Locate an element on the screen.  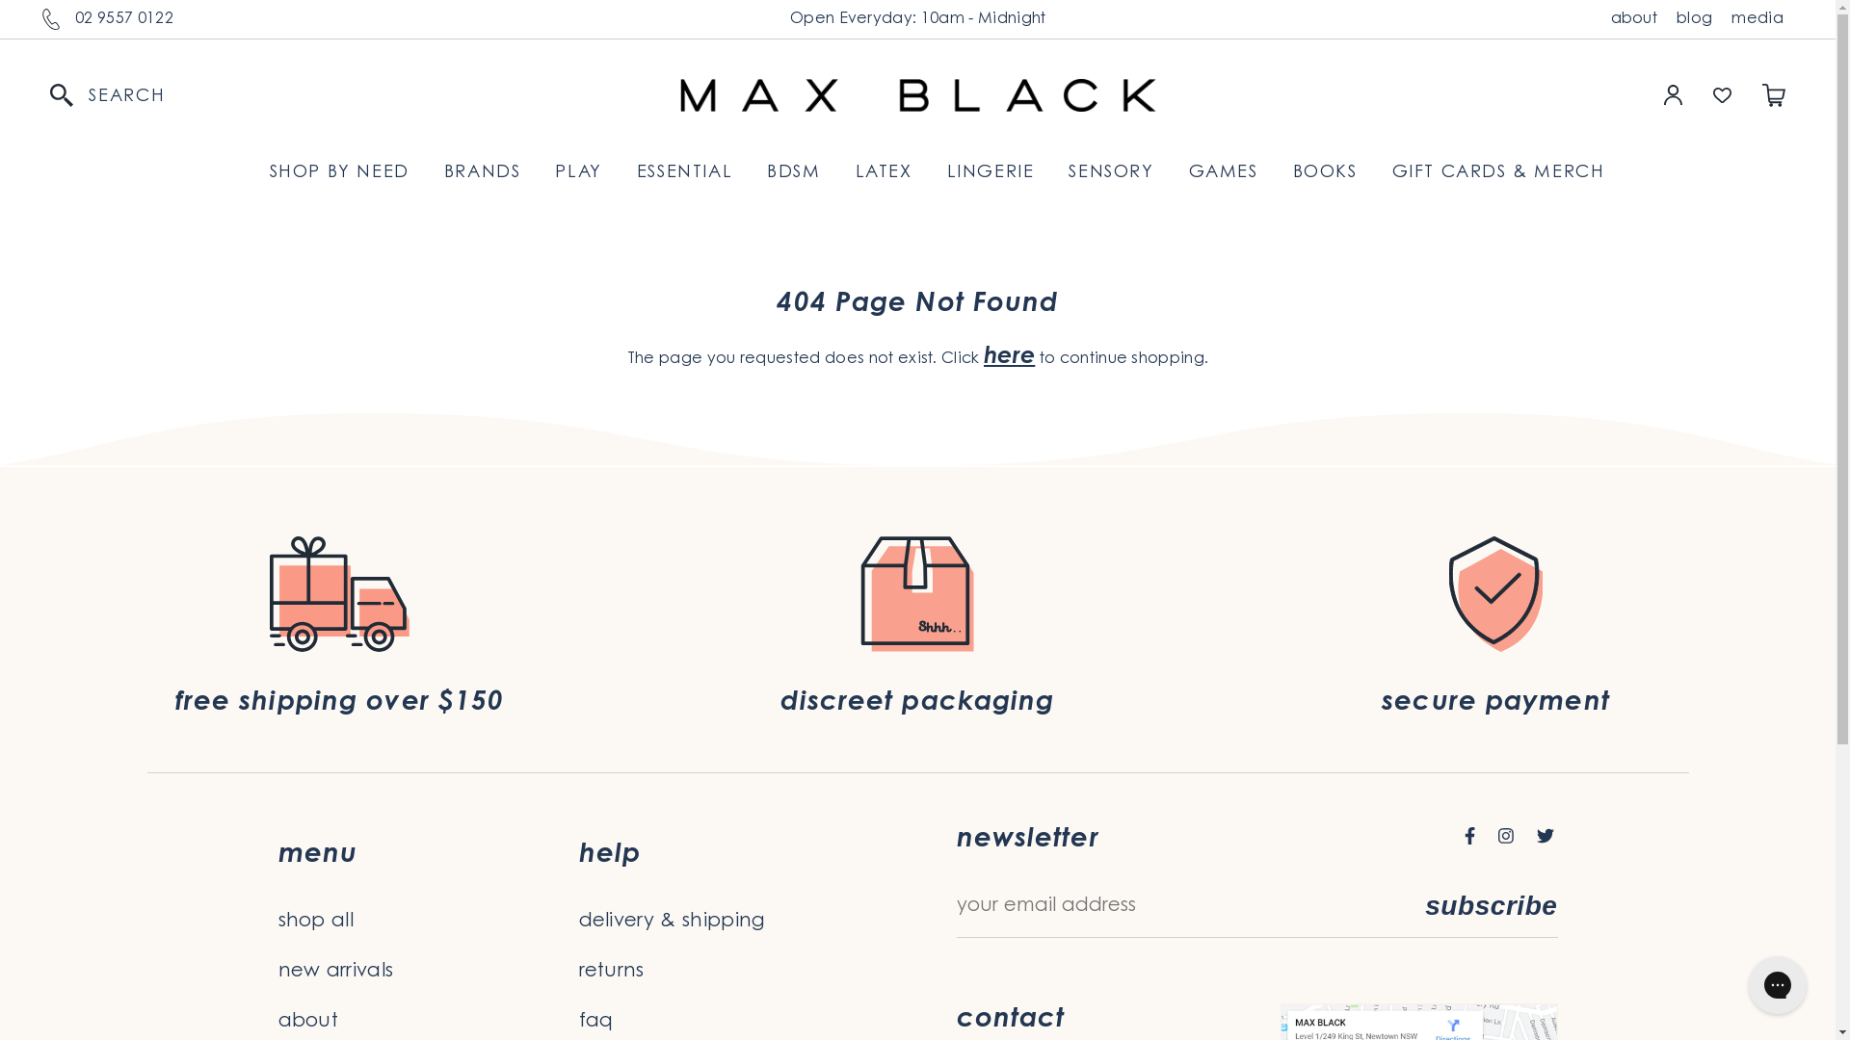
'SHOP BY NEED' is located at coordinates (339, 173).